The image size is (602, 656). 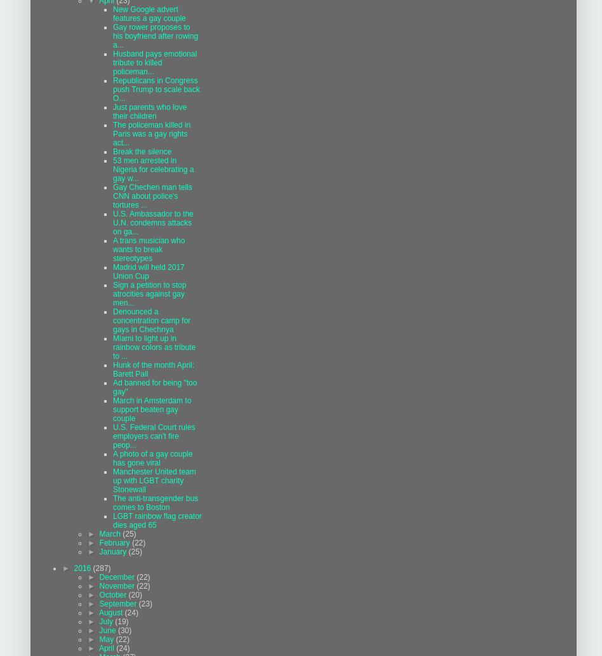 What do you see at coordinates (112, 62) in the screenshot?
I see `'Husband pays emotional tribute to killed policeman...'` at bounding box center [112, 62].